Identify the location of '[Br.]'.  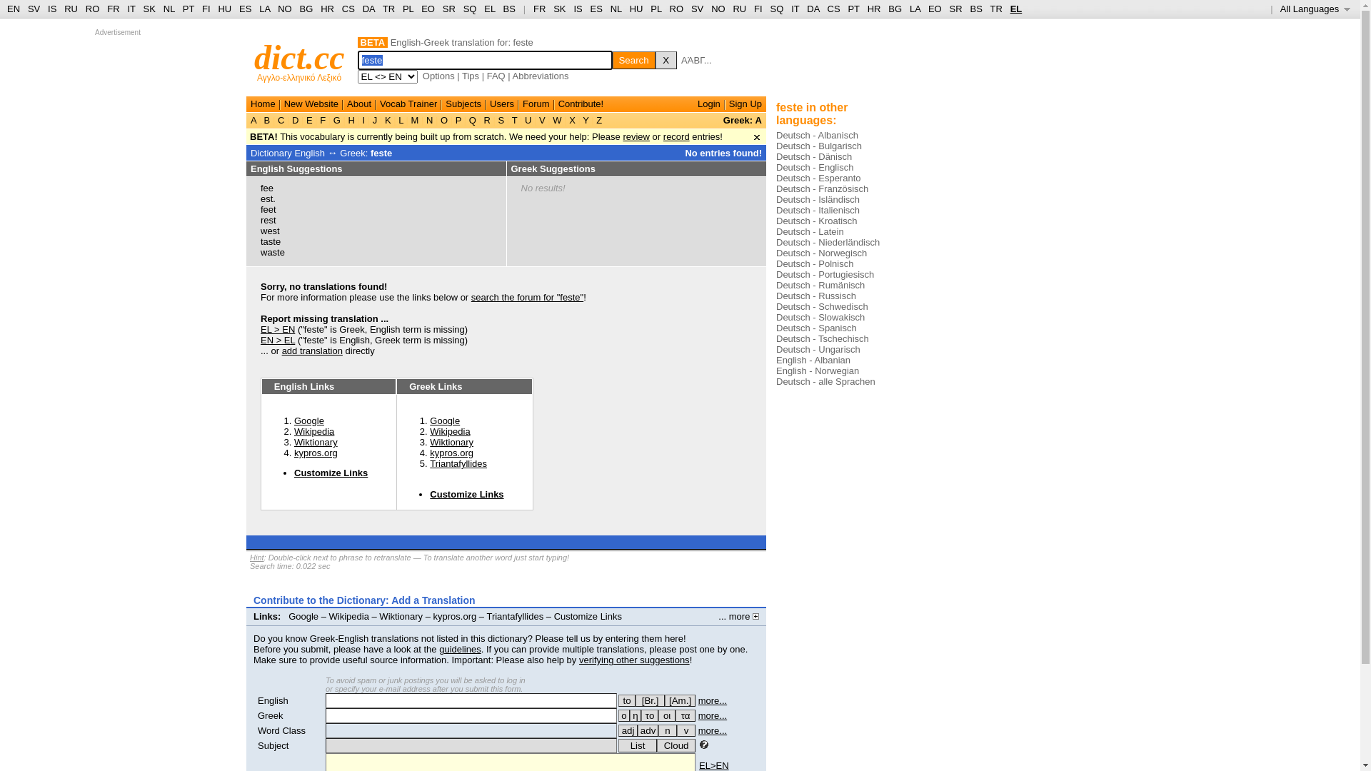
(634, 700).